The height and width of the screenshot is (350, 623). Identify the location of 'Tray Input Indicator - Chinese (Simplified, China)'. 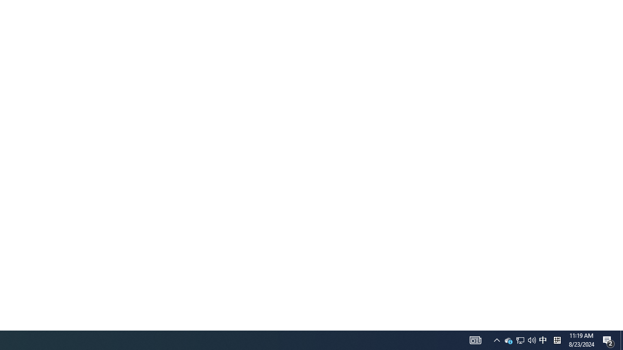
(531, 339).